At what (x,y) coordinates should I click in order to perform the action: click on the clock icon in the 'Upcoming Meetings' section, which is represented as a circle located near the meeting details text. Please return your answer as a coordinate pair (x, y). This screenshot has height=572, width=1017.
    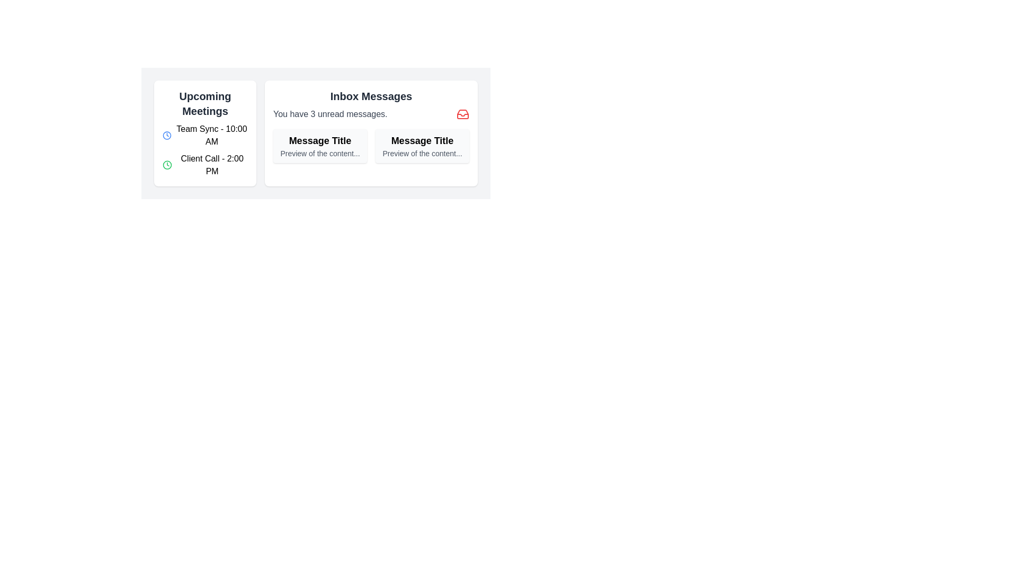
    Looking at the image, I should click on (167, 165).